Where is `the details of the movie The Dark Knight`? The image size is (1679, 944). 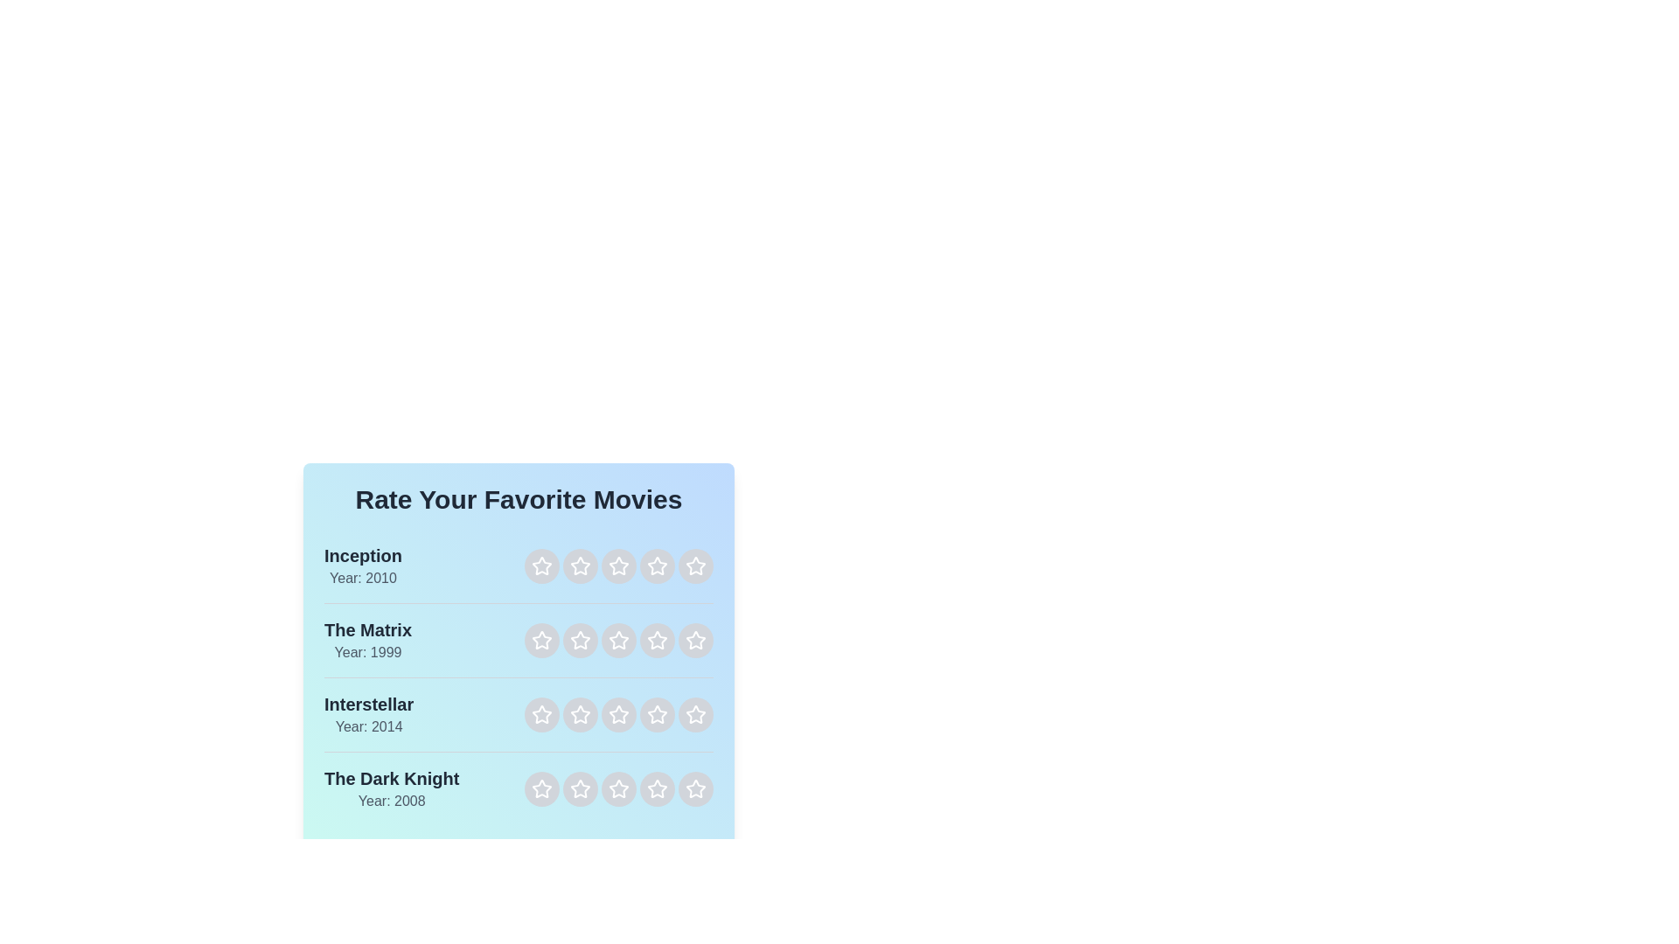
the details of the movie The Dark Knight is located at coordinates (390, 788).